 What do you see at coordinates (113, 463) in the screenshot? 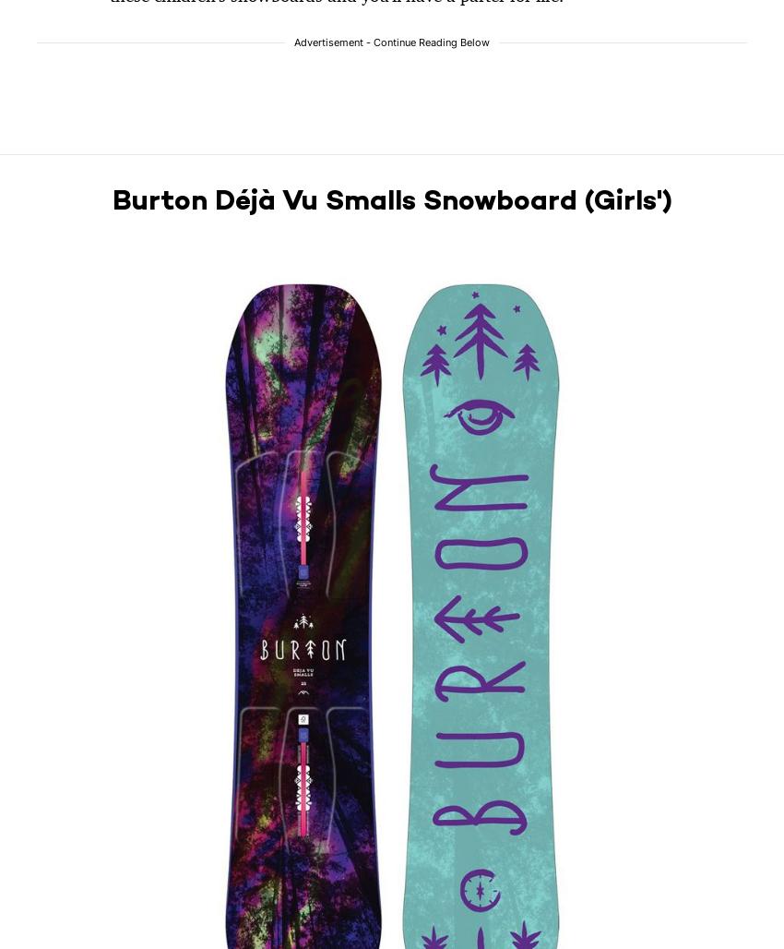
I see `'11 Best Ski Pants and Bibs for Men'` at bounding box center [113, 463].